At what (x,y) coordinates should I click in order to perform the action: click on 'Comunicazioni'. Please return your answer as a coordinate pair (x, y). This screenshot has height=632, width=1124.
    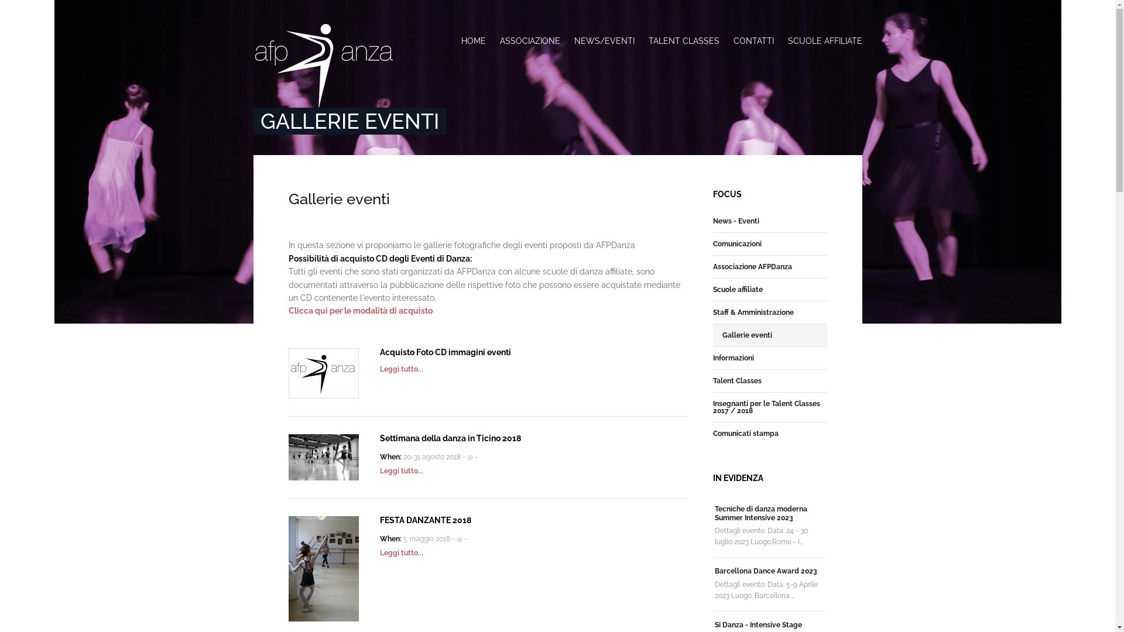
    Looking at the image, I should click on (712, 243).